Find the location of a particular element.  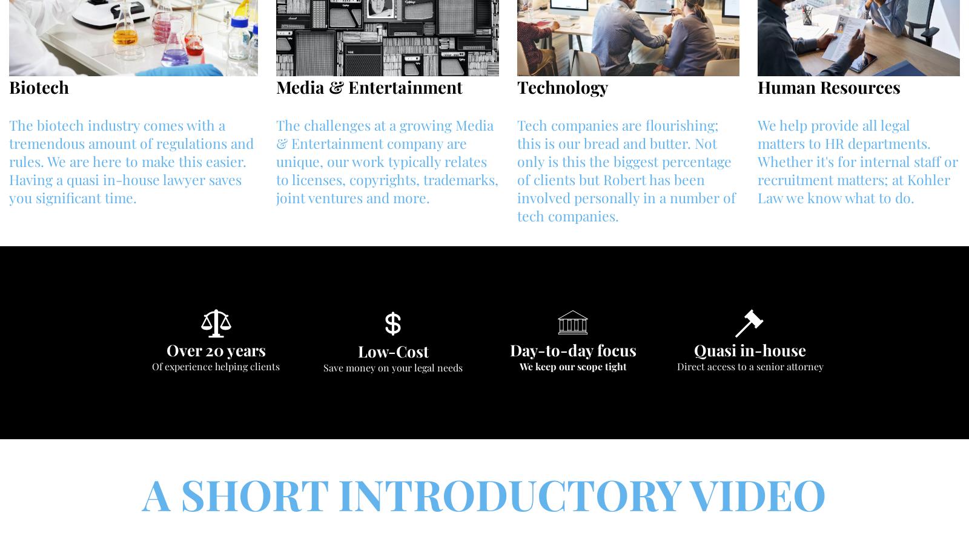

'Low-Cost' is located at coordinates (392, 351).